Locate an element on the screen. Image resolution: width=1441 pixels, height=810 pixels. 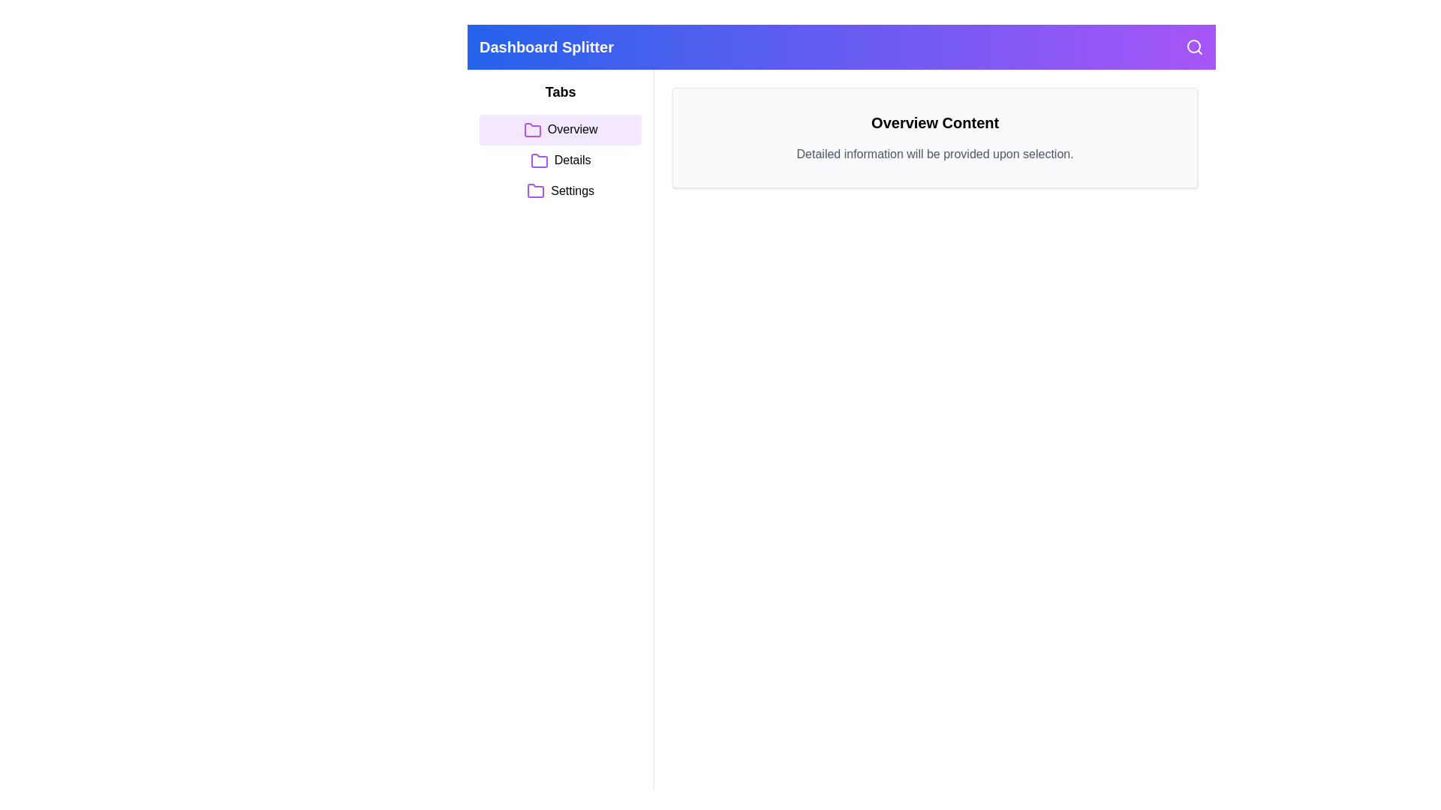
text from the Text Label that displays the message: 'Detailed information will be provided upon selection.' which is located below the 'Overview Content' label is located at coordinates (934, 154).